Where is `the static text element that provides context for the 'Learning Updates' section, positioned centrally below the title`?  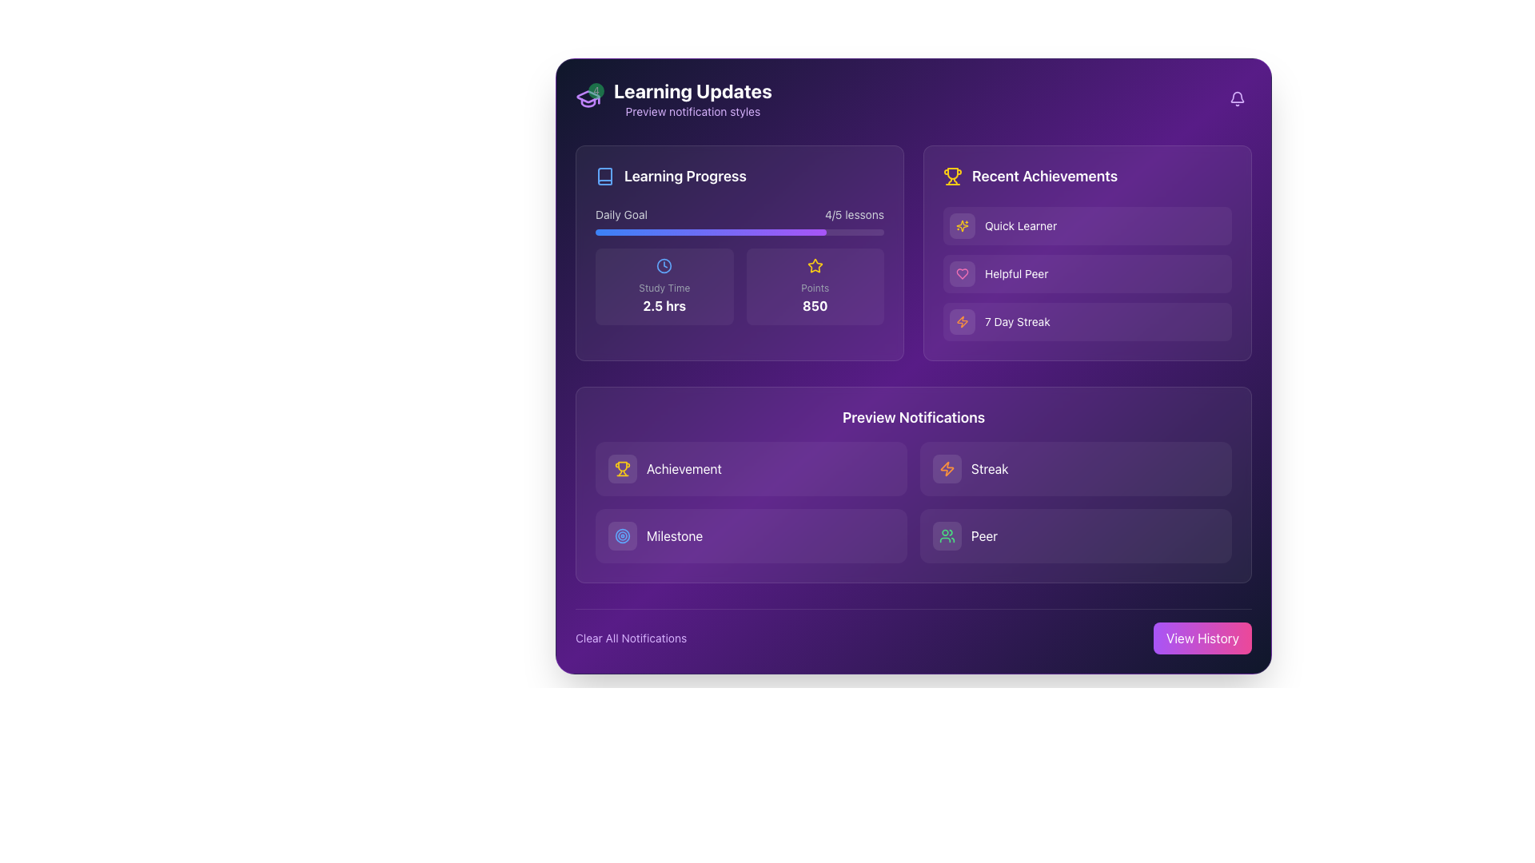
the static text element that provides context for the 'Learning Updates' section, positioned centrally below the title is located at coordinates (692, 110).